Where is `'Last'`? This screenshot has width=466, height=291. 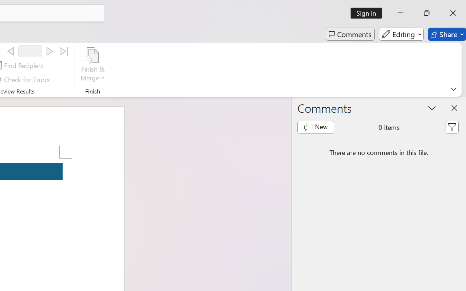
'Last' is located at coordinates (64, 51).